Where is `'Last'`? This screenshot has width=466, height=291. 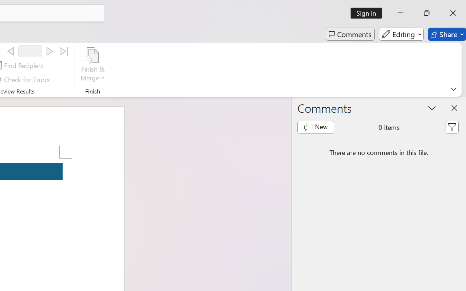
'Last' is located at coordinates (64, 51).